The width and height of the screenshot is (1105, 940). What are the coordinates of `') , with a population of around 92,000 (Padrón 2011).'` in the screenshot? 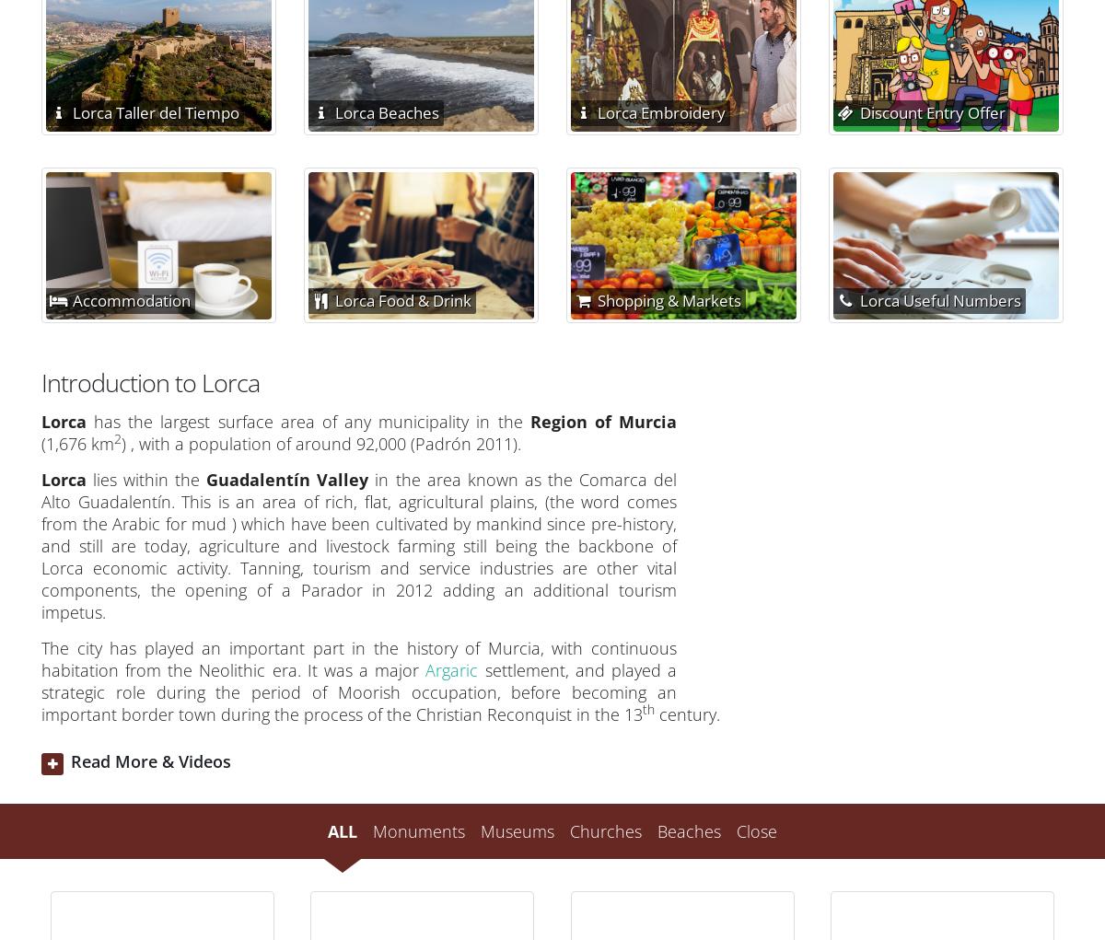 It's located at (320, 443).